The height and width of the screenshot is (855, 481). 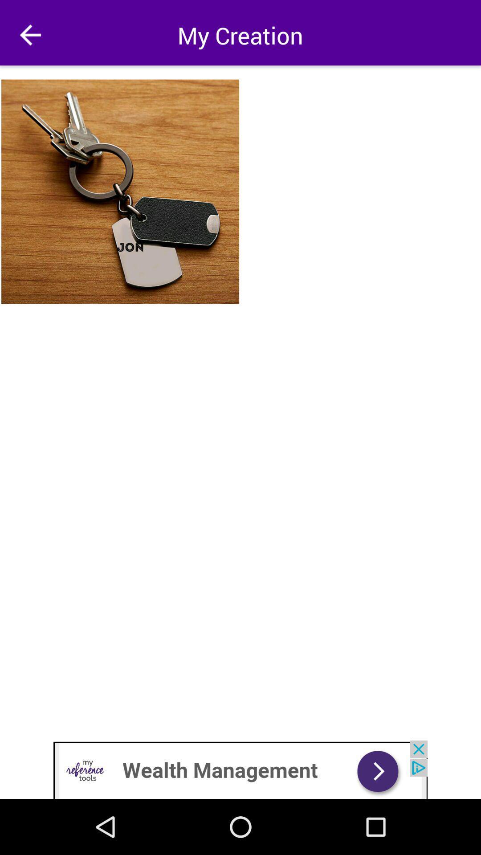 What do you see at coordinates (240, 769) in the screenshot?
I see `open advertisement` at bounding box center [240, 769].